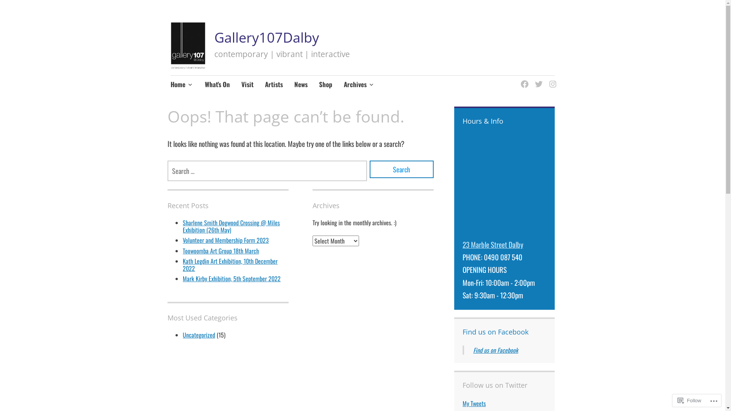  Describe the element at coordinates (495, 350) in the screenshot. I see `'Find us on Facebook'` at that location.